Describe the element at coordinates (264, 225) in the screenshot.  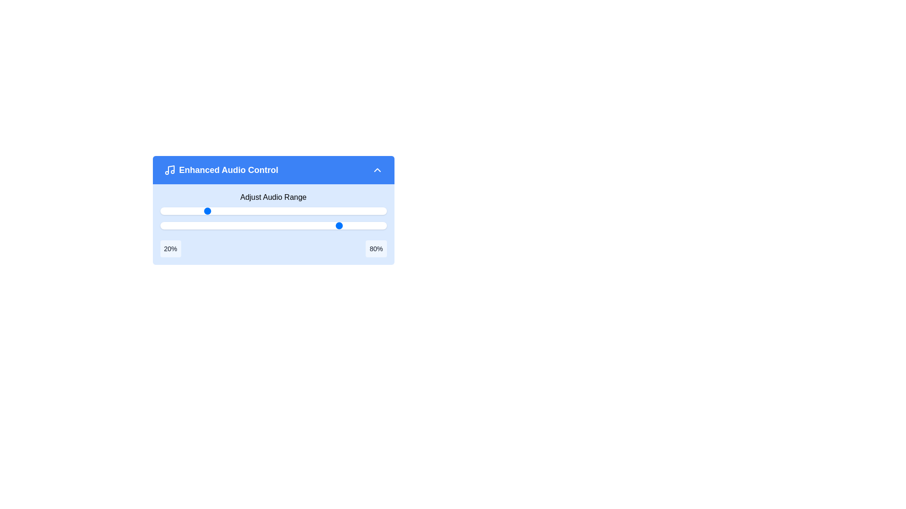
I see `the slider` at that location.